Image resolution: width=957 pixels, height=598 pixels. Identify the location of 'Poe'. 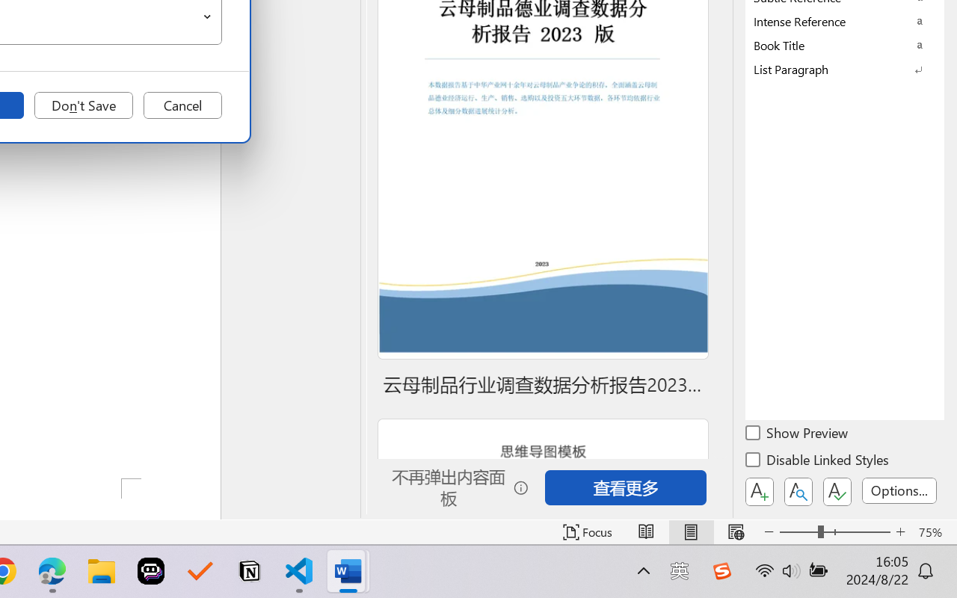
(151, 571).